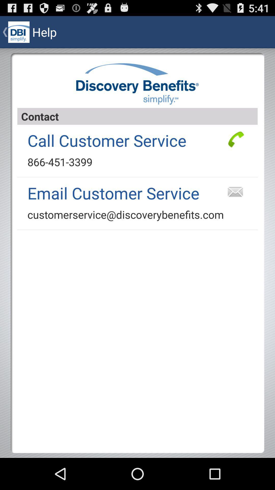  What do you see at coordinates (126, 214) in the screenshot?
I see `the app below email customer service` at bounding box center [126, 214].